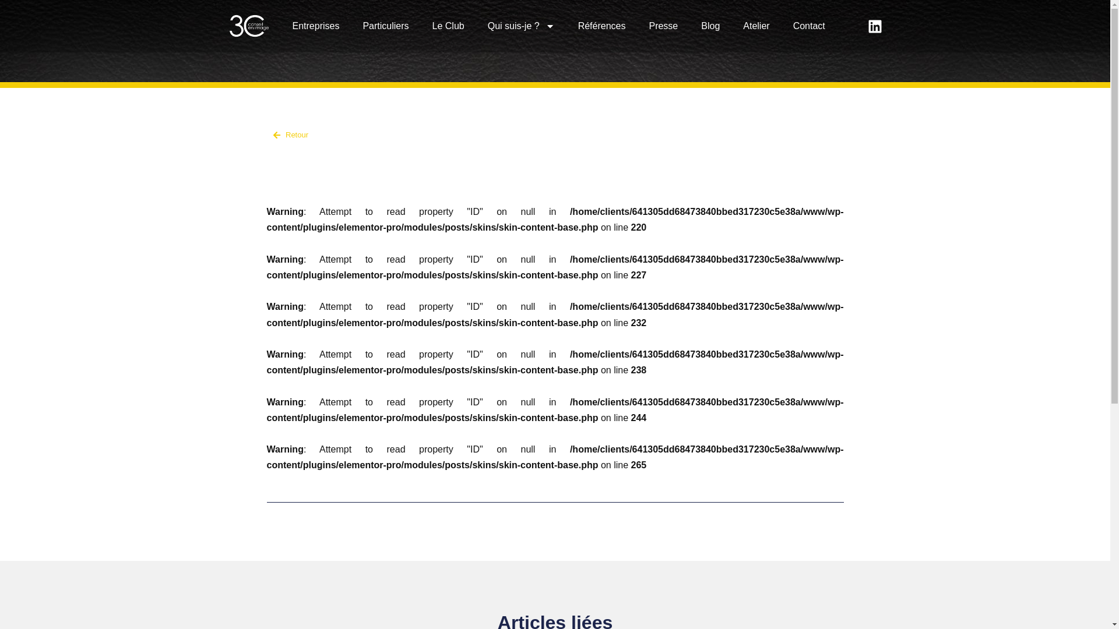  I want to click on 'Presse', so click(636, 26).